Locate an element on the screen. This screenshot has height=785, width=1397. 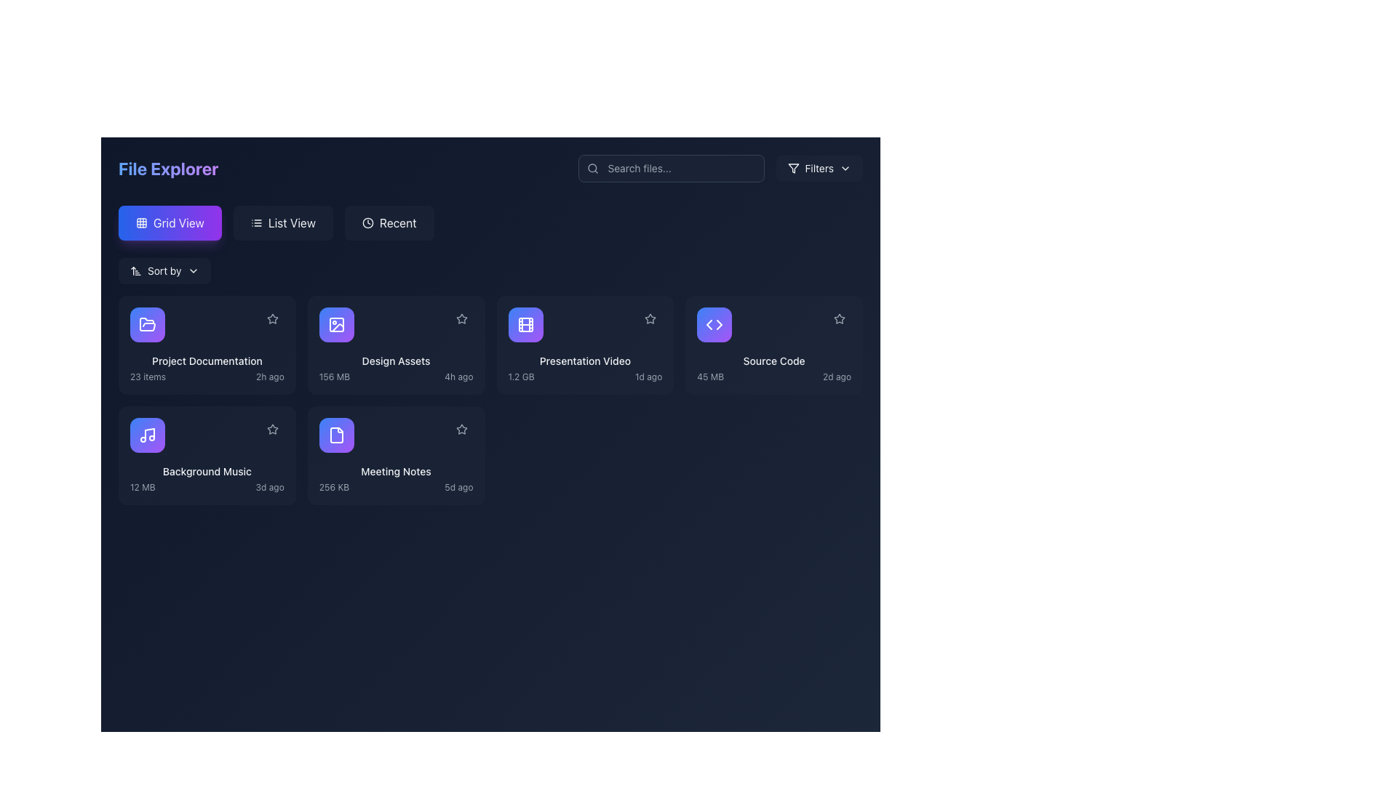
the star-shaped icon with a hollow middle, colored in light gray, located at the bottom-right corner of the card labeled 'Background Music' is located at coordinates (272, 428).